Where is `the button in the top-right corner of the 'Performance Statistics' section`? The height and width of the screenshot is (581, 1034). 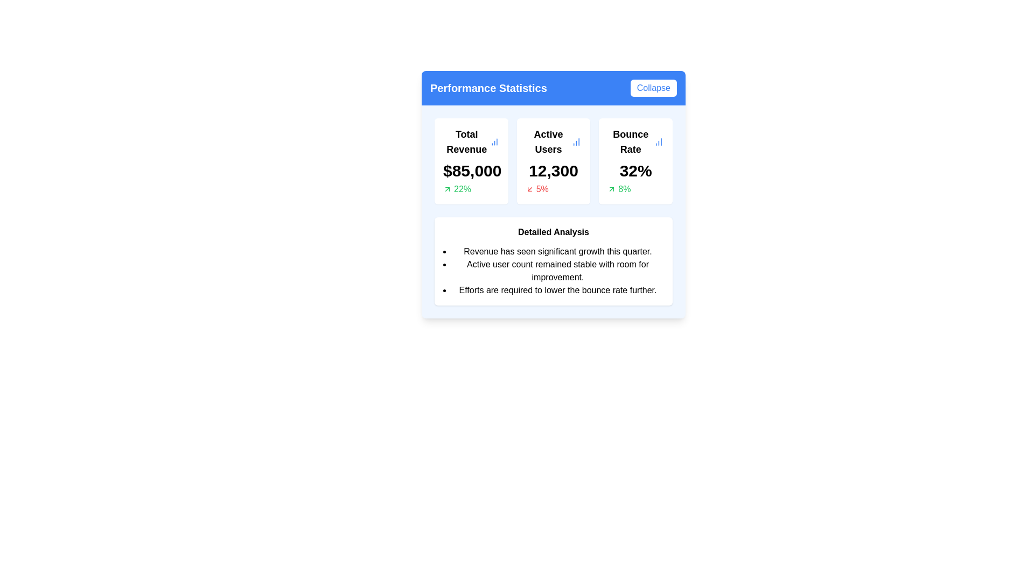
the button in the top-right corner of the 'Performance Statistics' section is located at coordinates (653, 88).